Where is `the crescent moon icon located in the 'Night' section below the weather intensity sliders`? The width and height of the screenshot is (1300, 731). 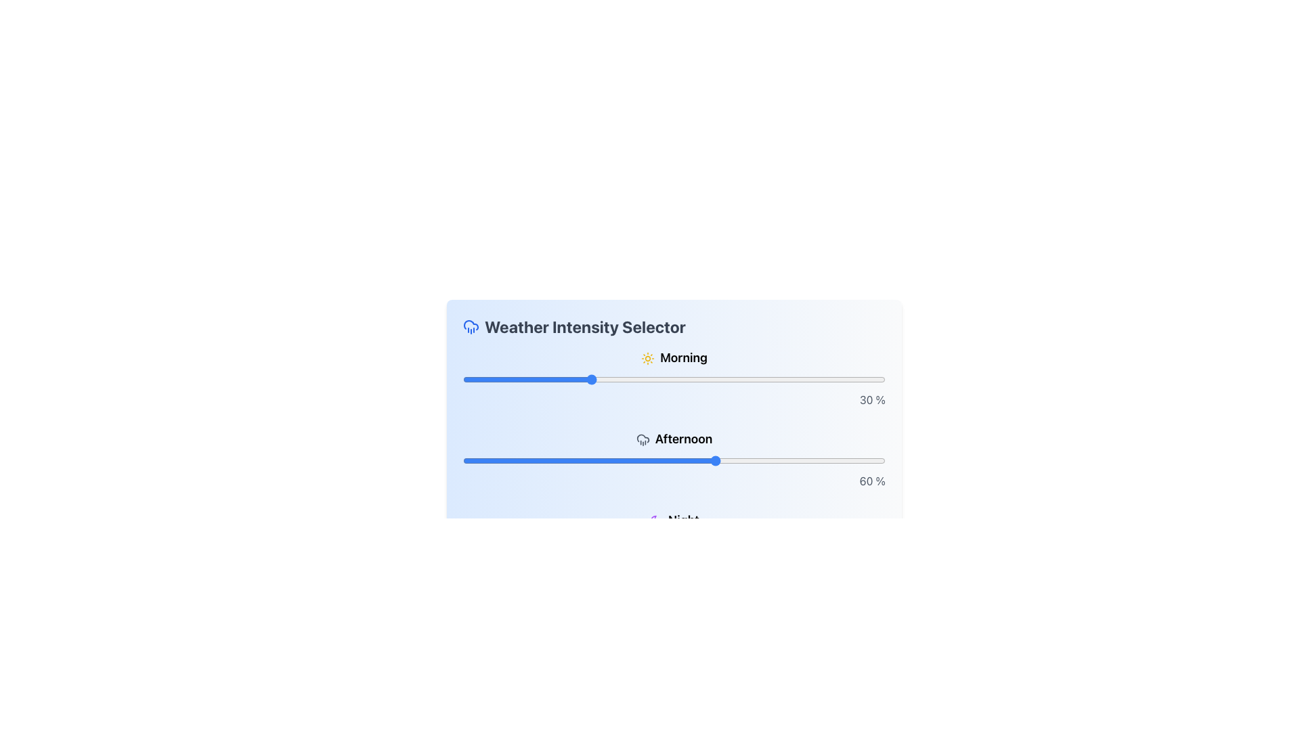
the crescent moon icon located in the 'Night' section below the weather intensity sliders is located at coordinates (656, 520).